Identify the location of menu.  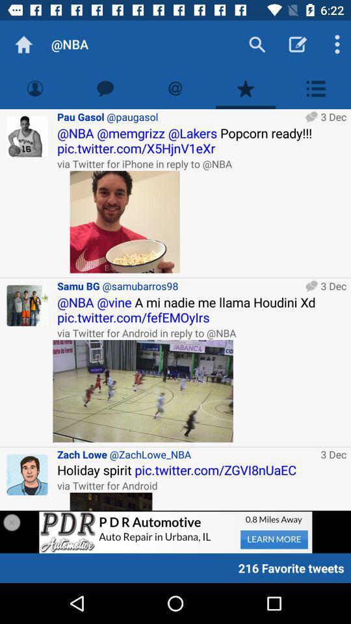
(315, 88).